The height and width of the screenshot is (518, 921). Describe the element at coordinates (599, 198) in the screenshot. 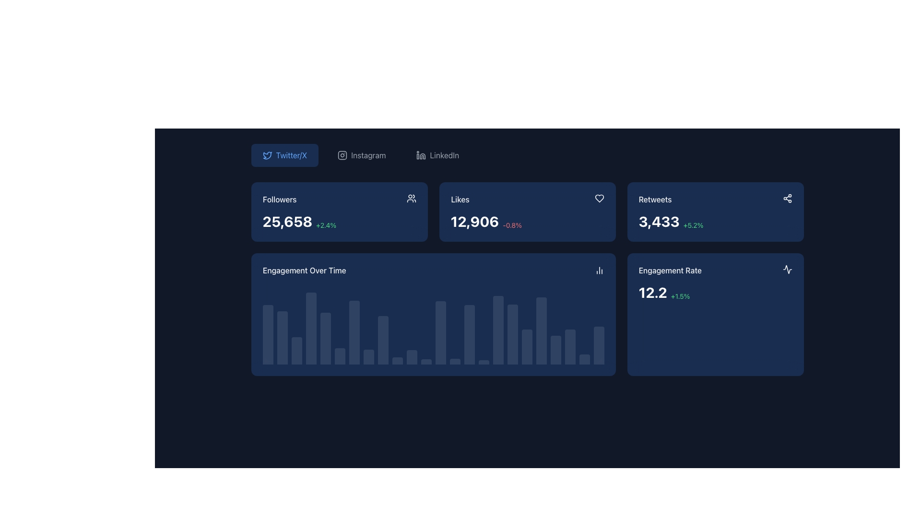

I see `the heart-shaped icon representing the 'Likes' feature, which is located in the top-right corner of the 'Likes' card, near the numerical likes count` at that location.